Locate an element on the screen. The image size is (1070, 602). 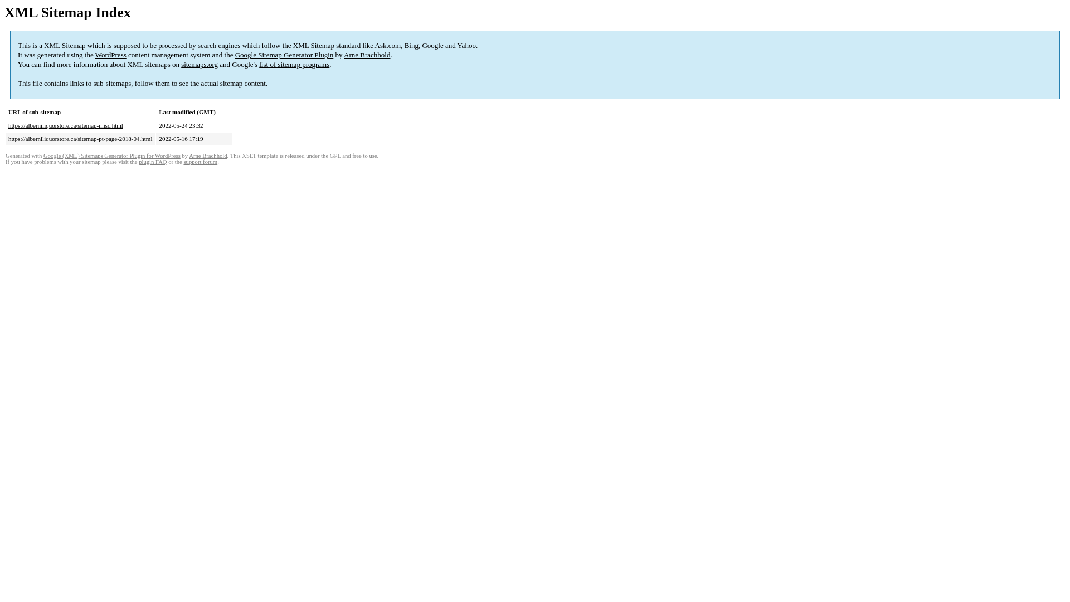
'plugin FAQ' is located at coordinates (152, 162).